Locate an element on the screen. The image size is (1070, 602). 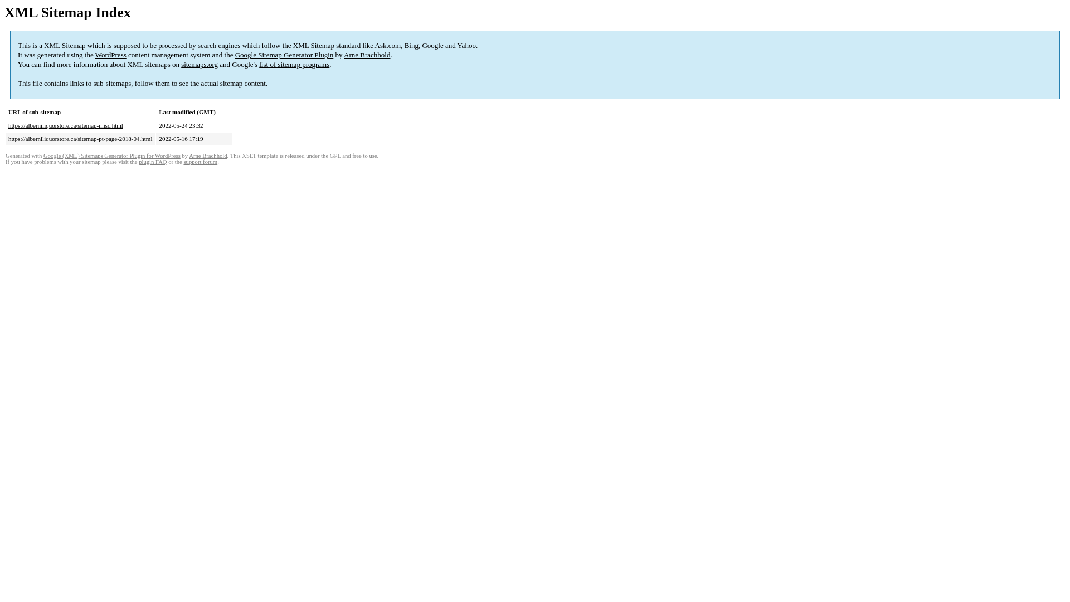
'plugin FAQ' is located at coordinates (152, 162).